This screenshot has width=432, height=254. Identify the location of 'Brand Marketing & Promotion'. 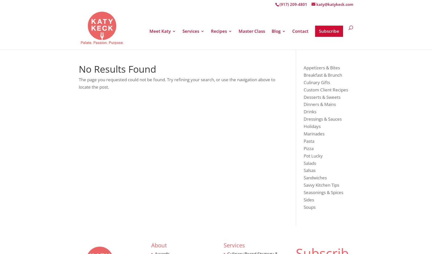
(212, 88).